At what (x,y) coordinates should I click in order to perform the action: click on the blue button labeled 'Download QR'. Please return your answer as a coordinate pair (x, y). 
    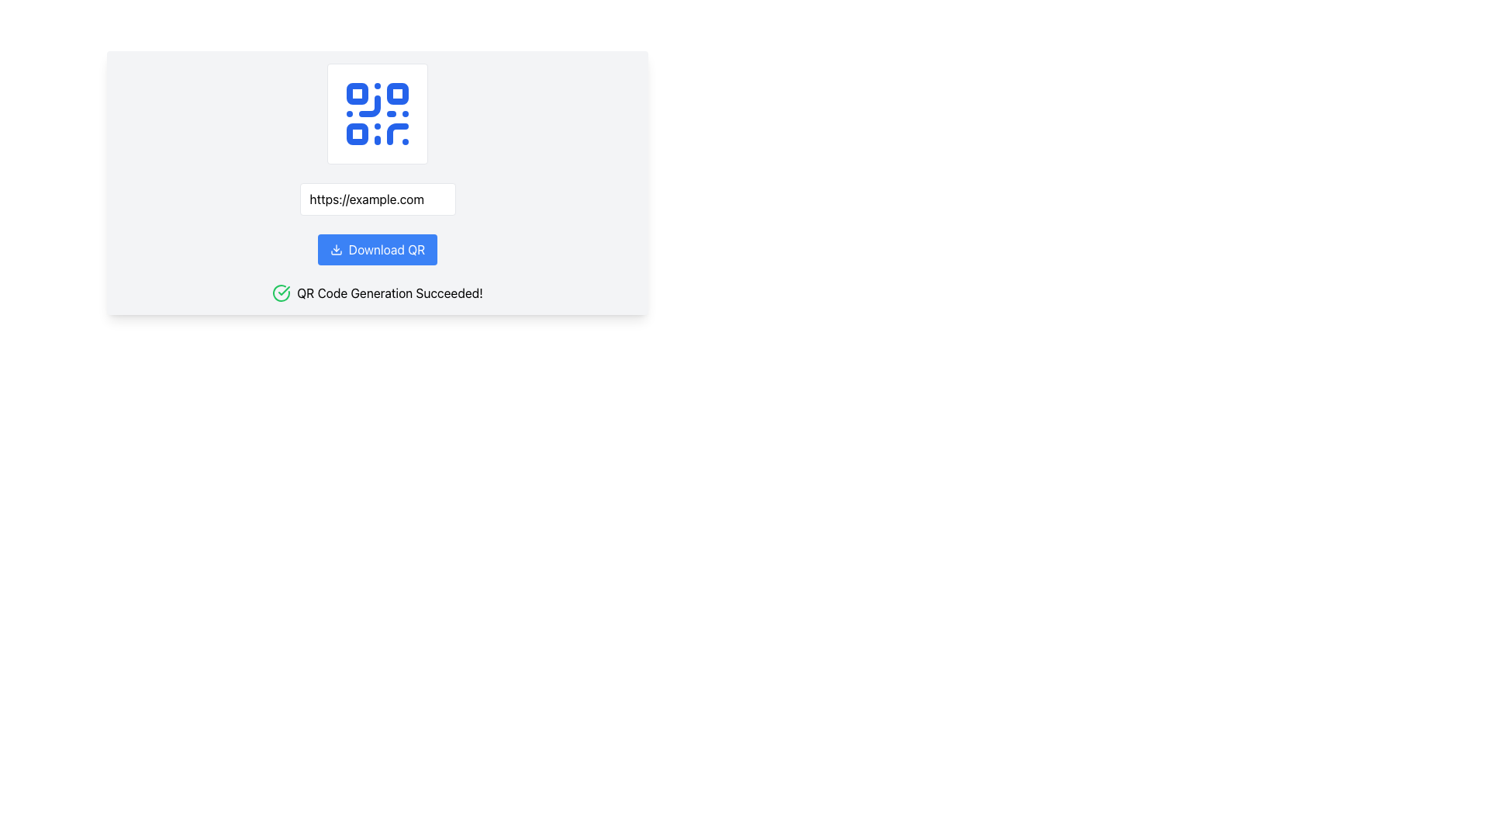
    Looking at the image, I should click on (377, 248).